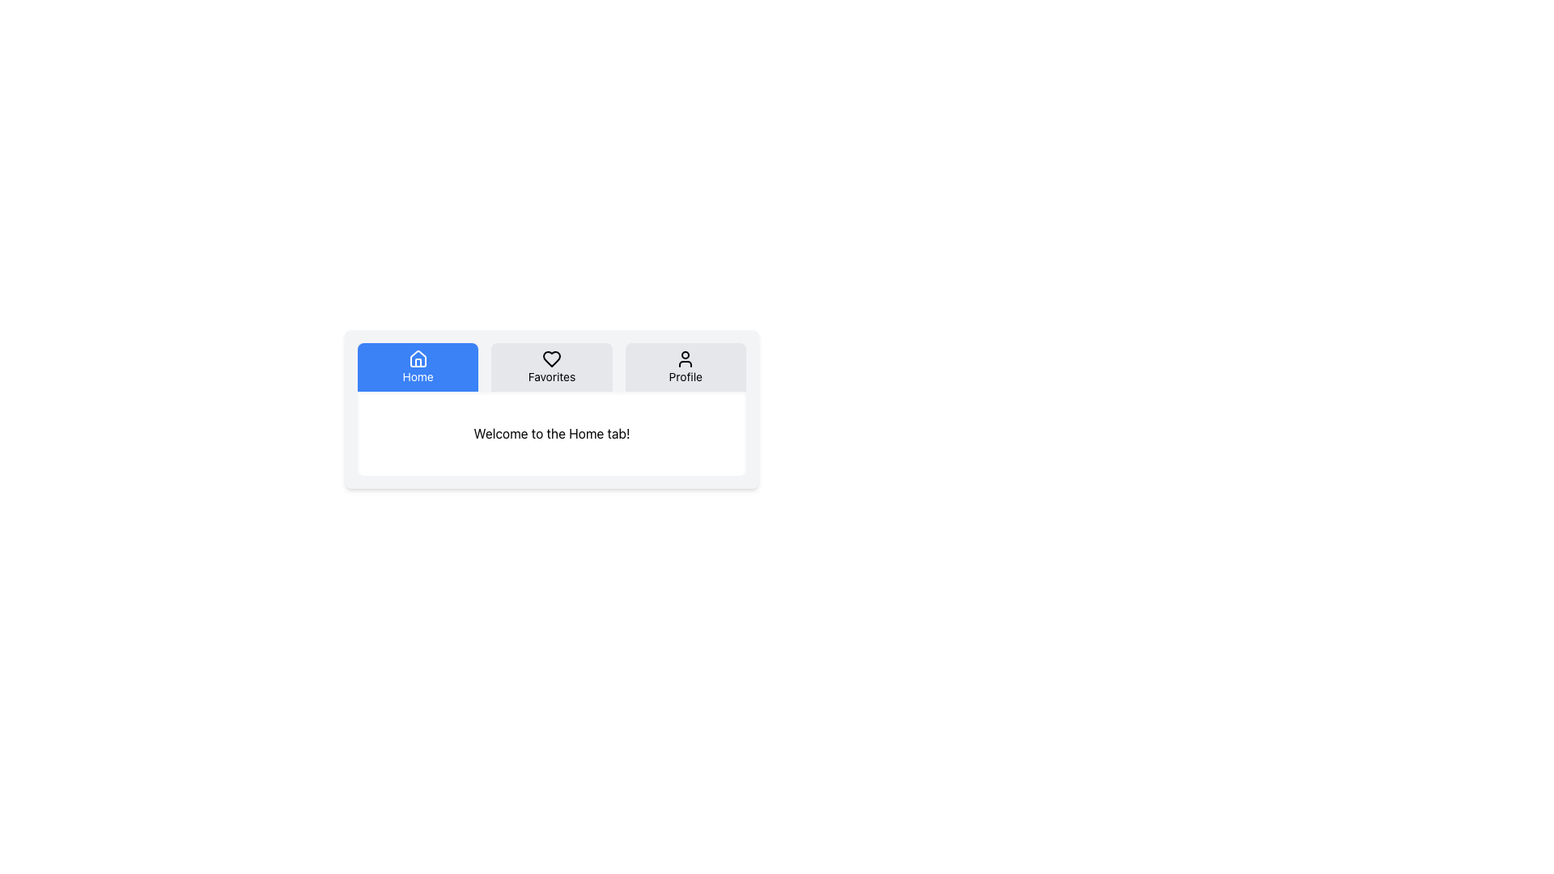 The image size is (1554, 874). Describe the element at coordinates (551, 367) in the screenshot. I see `the 'Favorites' tab button, which is the second tab in the navigation bar` at that location.